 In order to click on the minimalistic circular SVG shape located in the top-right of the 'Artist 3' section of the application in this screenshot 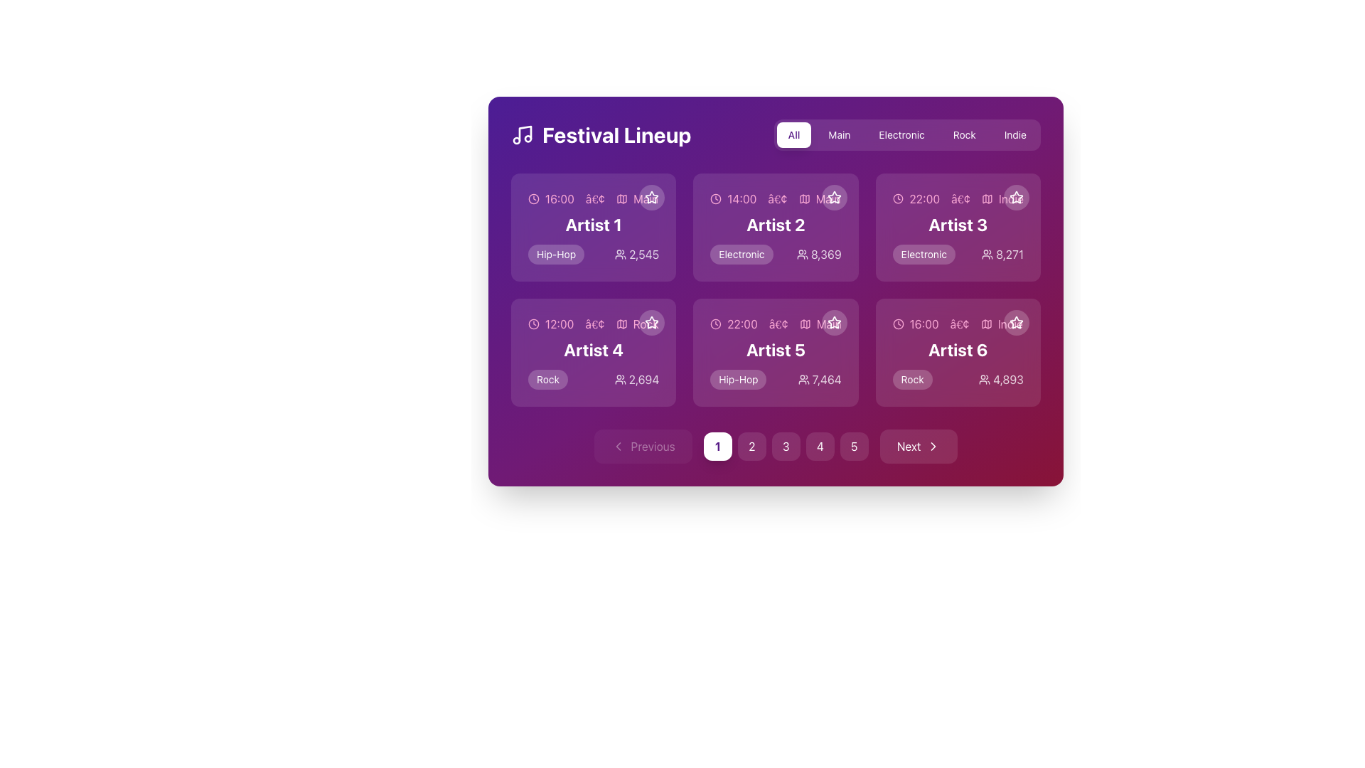, I will do `click(897, 199)`.